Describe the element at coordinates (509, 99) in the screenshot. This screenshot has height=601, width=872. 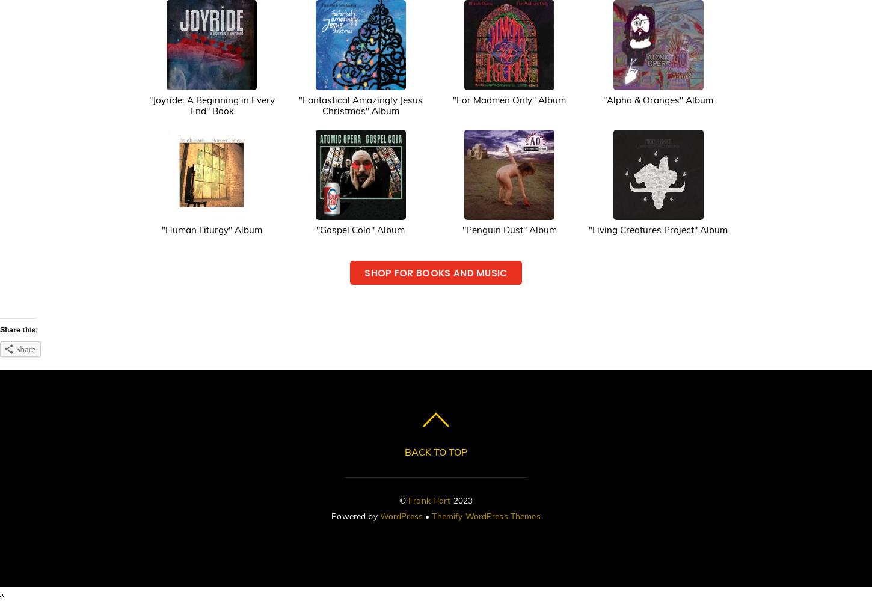
I see `'"For Madmen Only" Album'` at that location.